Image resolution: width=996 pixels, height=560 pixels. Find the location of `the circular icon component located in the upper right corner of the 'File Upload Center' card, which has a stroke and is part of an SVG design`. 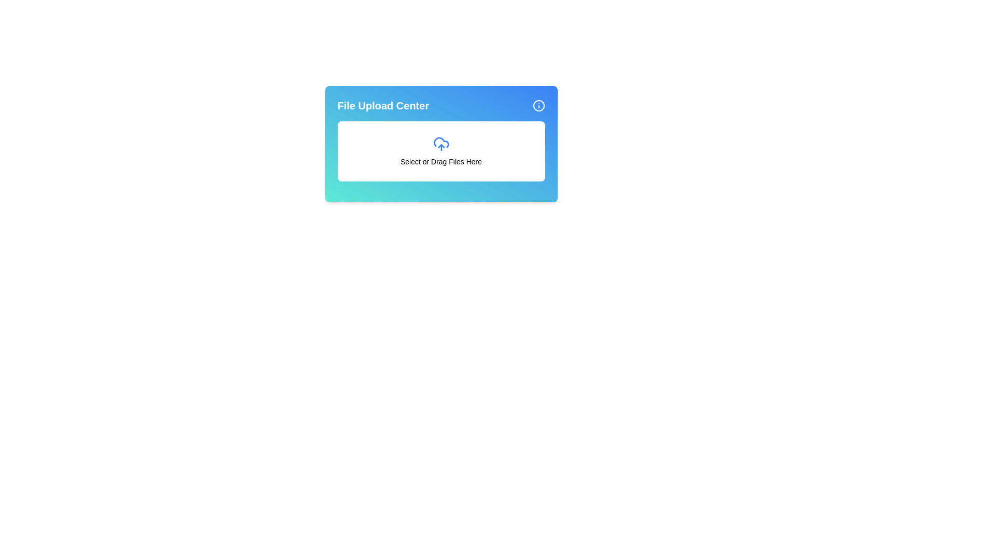

the circular icon component located in the upper right corner of the 'File Upload Center' card, which has a stroke and is part of an SVG design is located at coordinates (538, 106).